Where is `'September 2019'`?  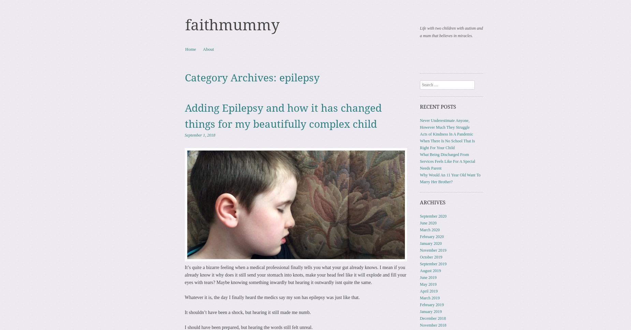 'September 2019' is located at coordinates (433, 263).